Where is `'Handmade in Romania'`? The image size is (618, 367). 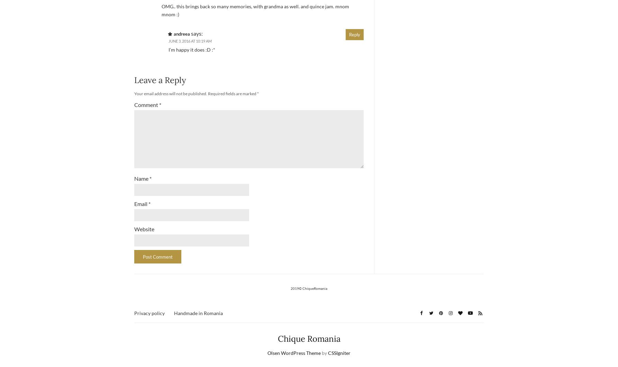 'Handmade in Romania' is located at coordinates (198, 313).